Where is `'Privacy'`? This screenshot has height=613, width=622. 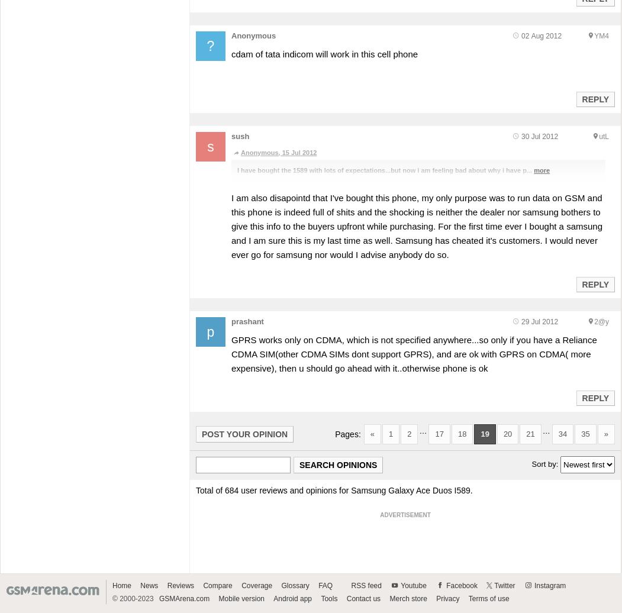
'Privacy' is located at coordinates (447, 598).